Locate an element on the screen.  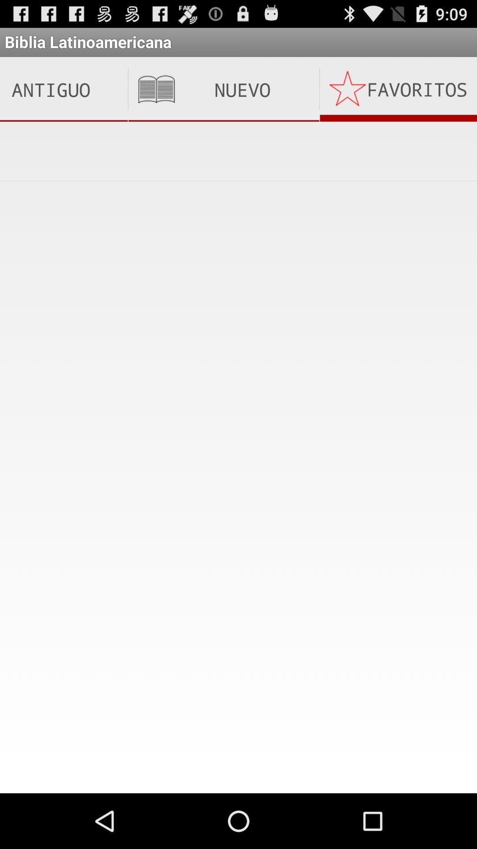
the item to the left of the favoritos is located at coordinates (223, 89).